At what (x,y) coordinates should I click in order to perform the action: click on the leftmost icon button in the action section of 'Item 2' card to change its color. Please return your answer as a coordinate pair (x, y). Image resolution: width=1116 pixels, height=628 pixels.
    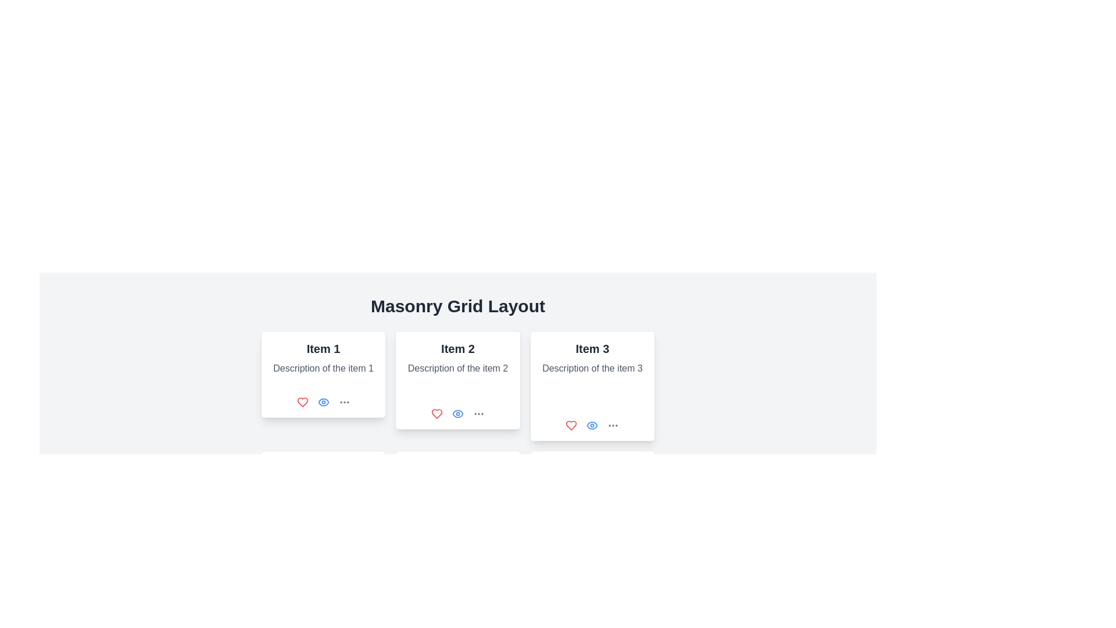
    Looking at the image, I should click on (437, 413).